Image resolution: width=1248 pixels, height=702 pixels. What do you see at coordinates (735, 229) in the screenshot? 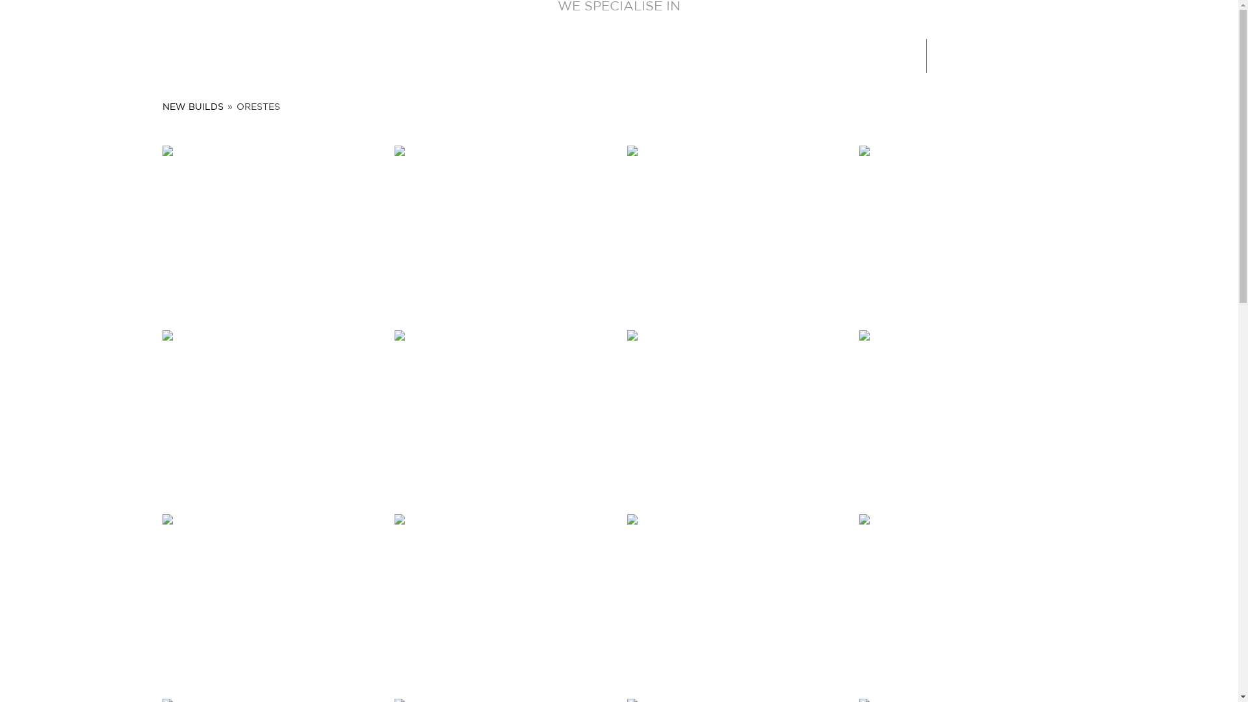
I see `'Orestes'` at bounding box center [735, 229].